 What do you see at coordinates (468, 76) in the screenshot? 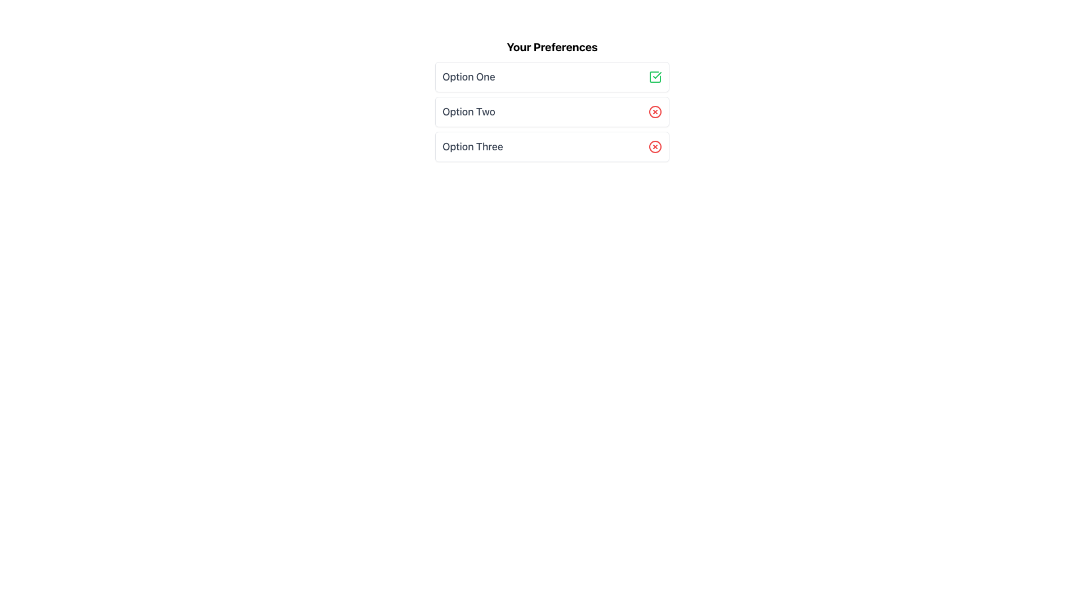
I see `the static text label that identifies the first option in the 'Your Preferences' selection panel, which is located above 'Option Two' and 'Option Three', and has a green checkmark icon to the right` at bounding box center [468, 76].